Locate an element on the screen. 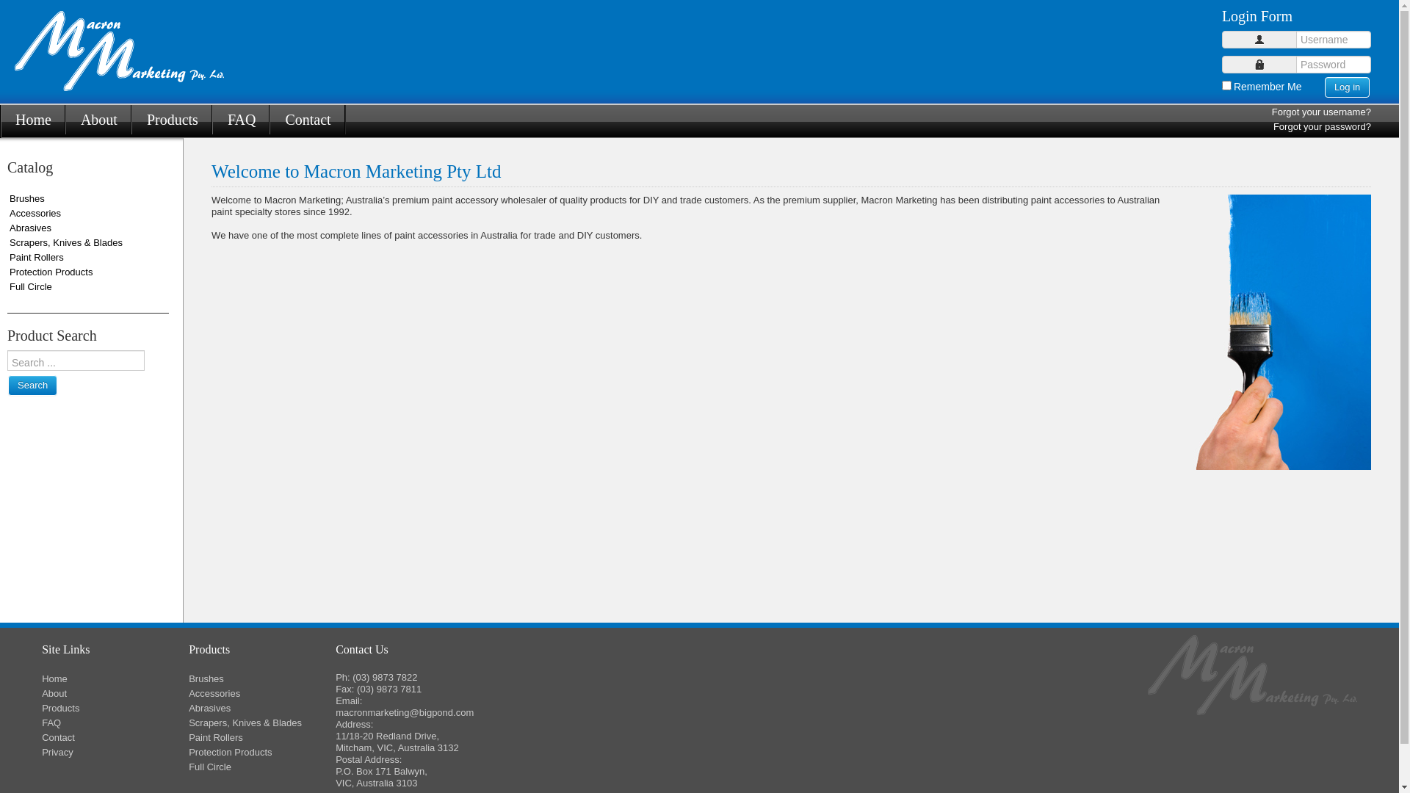 The image size is (1410, 793). 'Log in' is located at coordinates (1347, 87).